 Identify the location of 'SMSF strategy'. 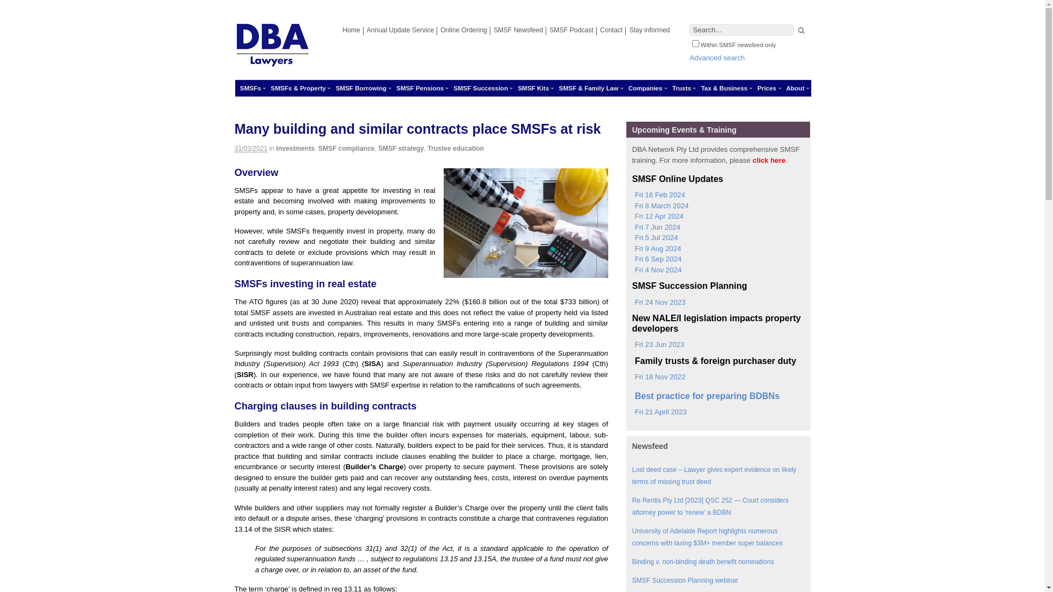
(400, 148).